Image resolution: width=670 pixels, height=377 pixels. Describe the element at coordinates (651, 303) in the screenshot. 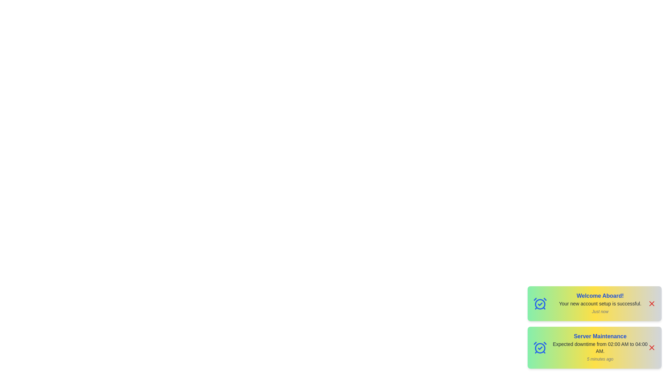

I see `the close button of the notification to dismiss it` at that location.